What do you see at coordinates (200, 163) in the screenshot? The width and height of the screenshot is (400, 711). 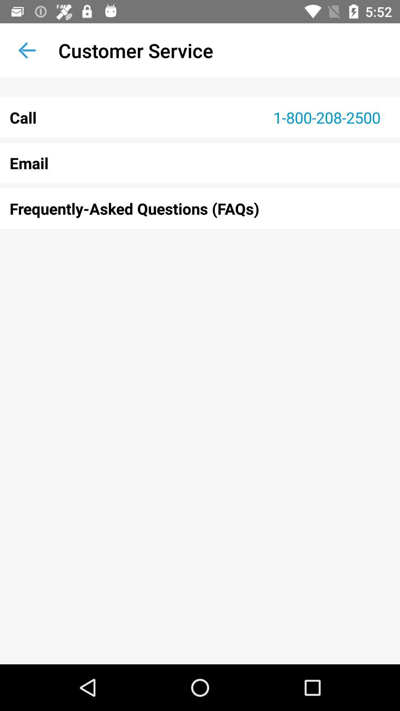 I see `the icon above frequently asked questions` at bounding box center [200, 163].